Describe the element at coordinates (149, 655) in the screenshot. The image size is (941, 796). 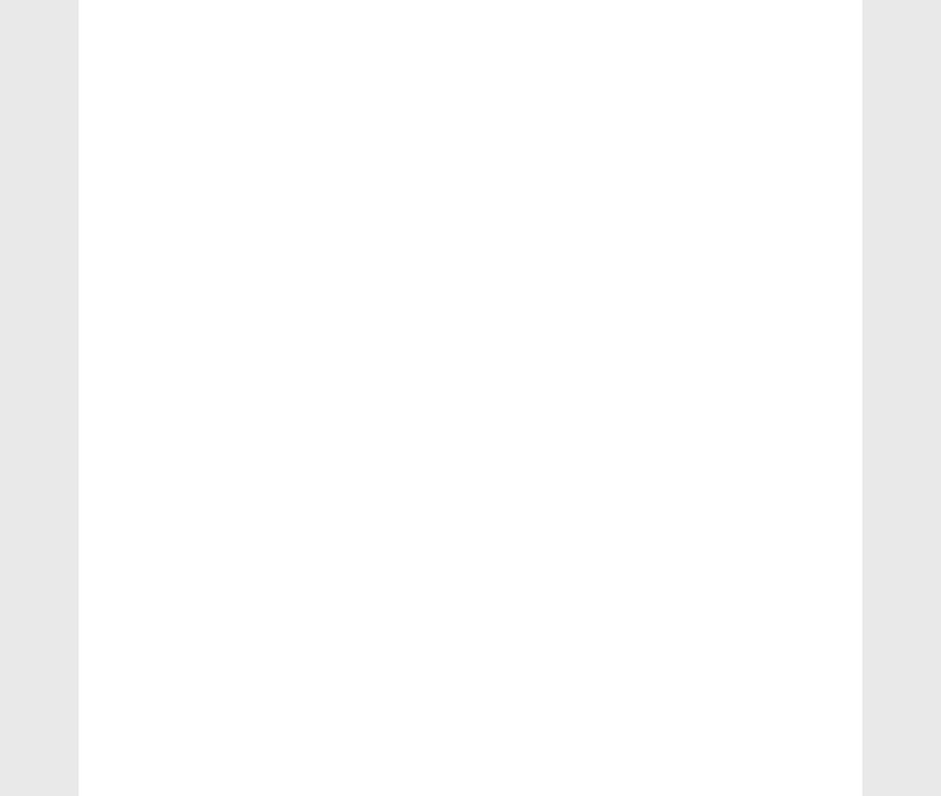
I see `'Web design'` at that location.